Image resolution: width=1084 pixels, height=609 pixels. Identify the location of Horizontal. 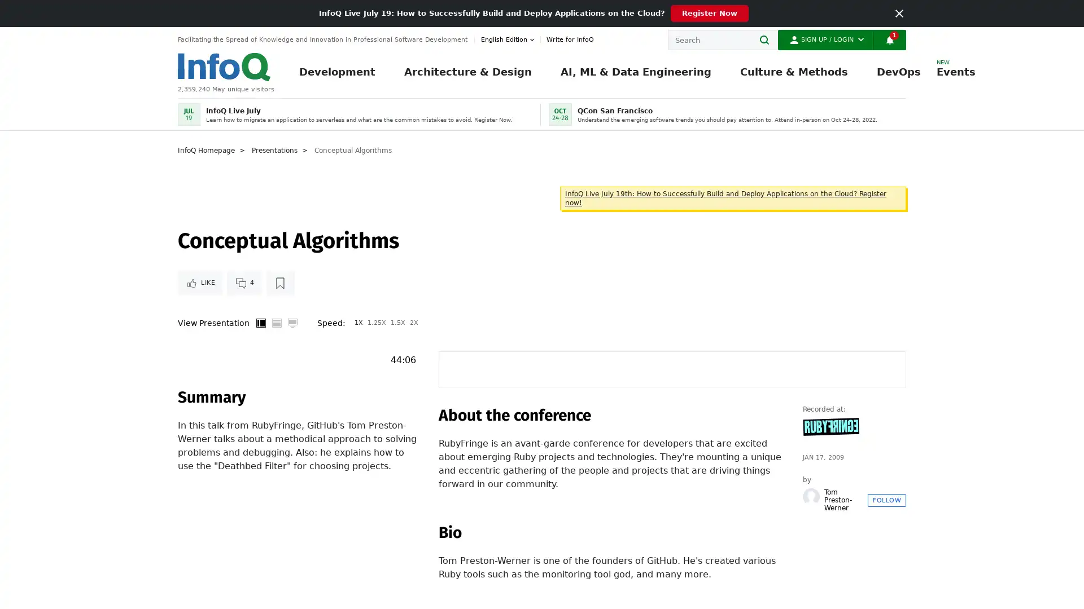
(276, 323).